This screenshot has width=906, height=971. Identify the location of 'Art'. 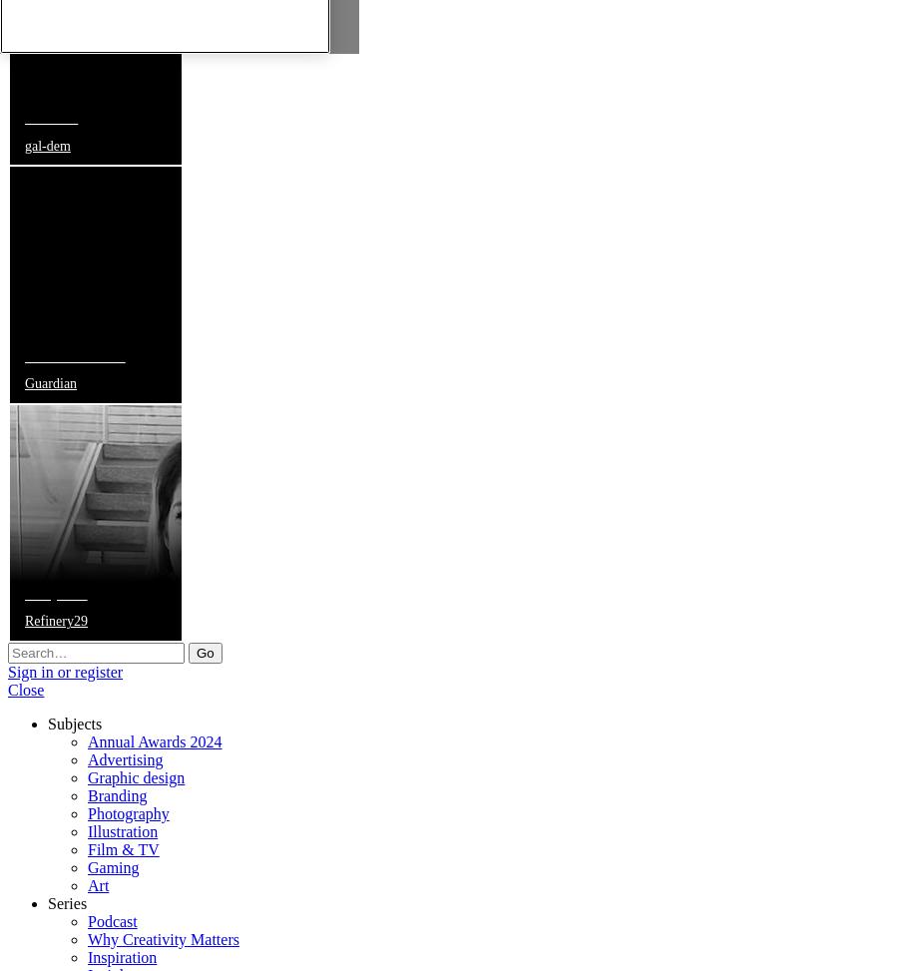
(97, 884).